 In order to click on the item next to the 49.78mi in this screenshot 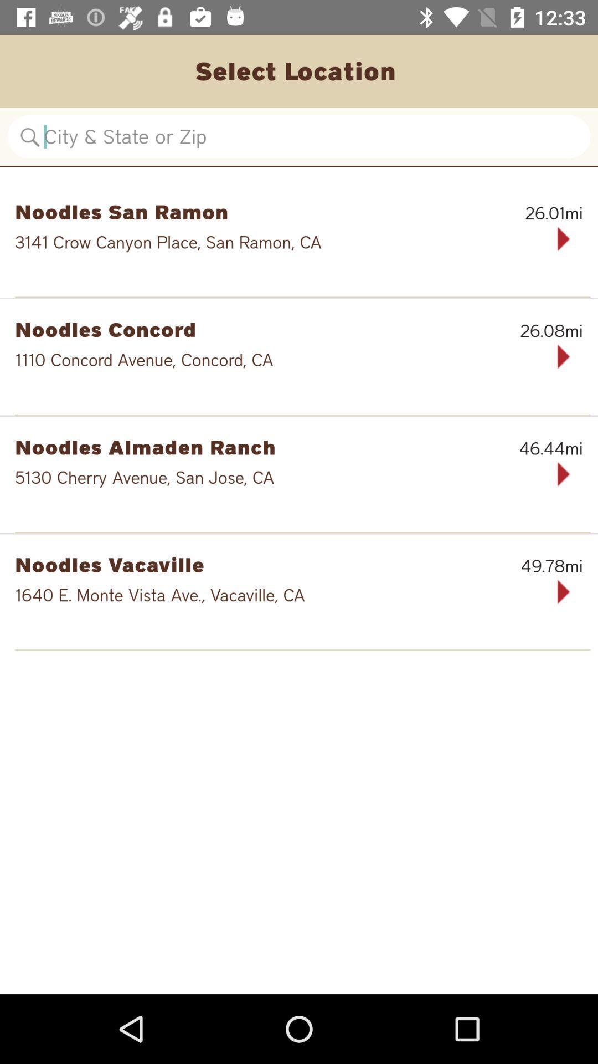, I will do `click(241, 564)`.